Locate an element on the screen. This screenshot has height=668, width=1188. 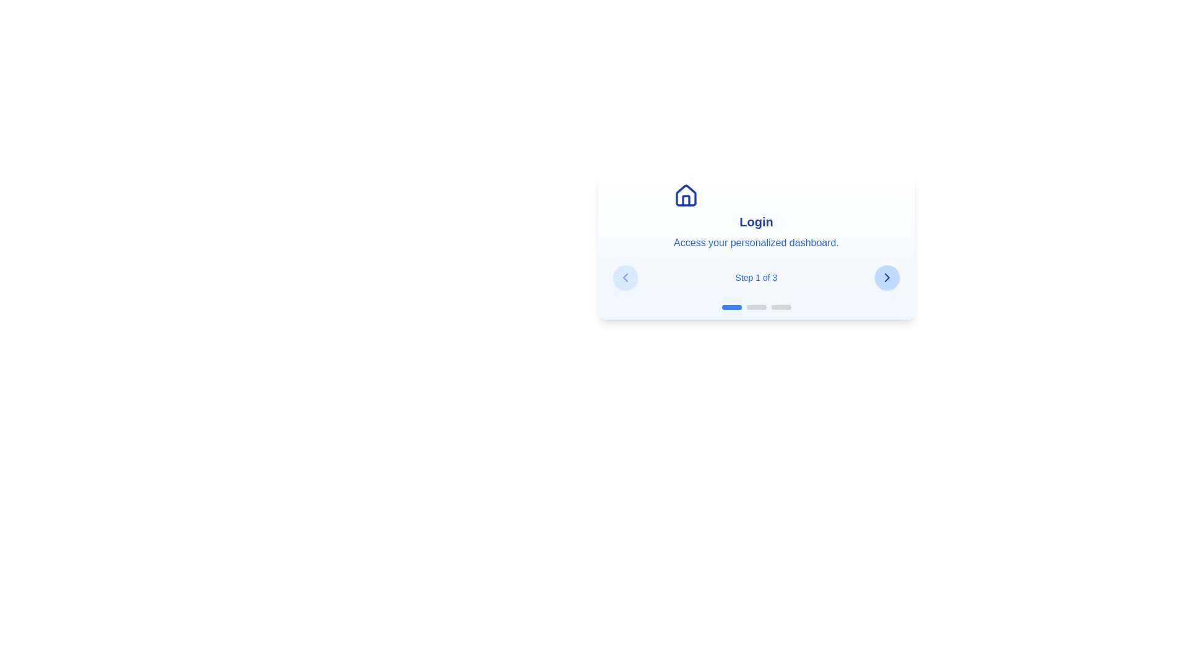
the left arrow button to navigate to the previous step is located at coordinates (625, 276).